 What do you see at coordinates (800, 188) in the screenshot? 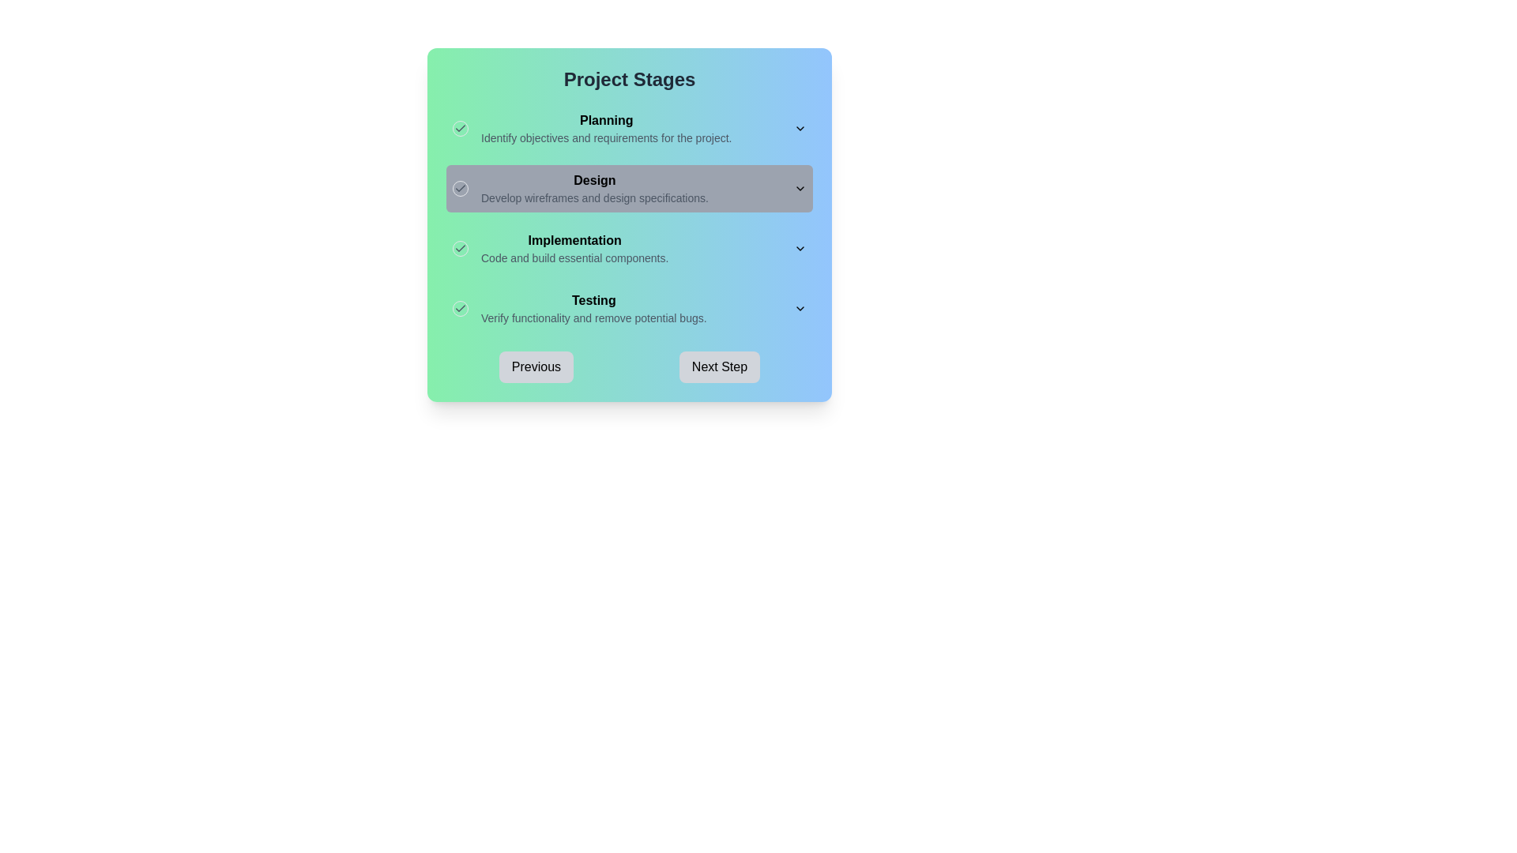
I see `the chevron-down icon` at bounding box center [800, 188].